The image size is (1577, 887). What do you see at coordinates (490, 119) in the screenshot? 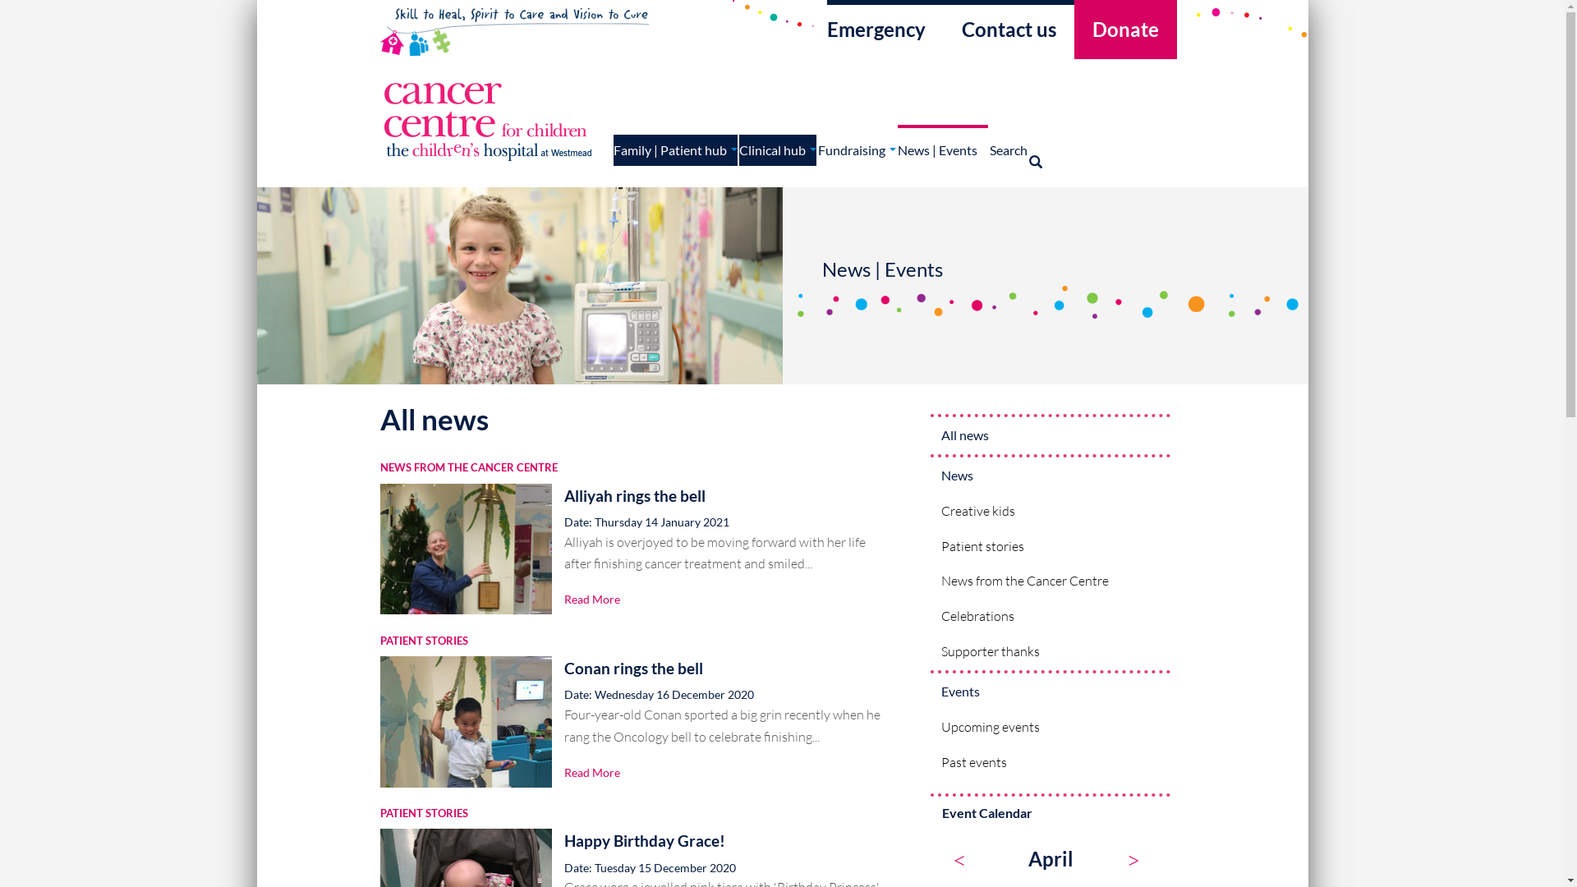
I see `'Home'` at bounding box center [490, 119].